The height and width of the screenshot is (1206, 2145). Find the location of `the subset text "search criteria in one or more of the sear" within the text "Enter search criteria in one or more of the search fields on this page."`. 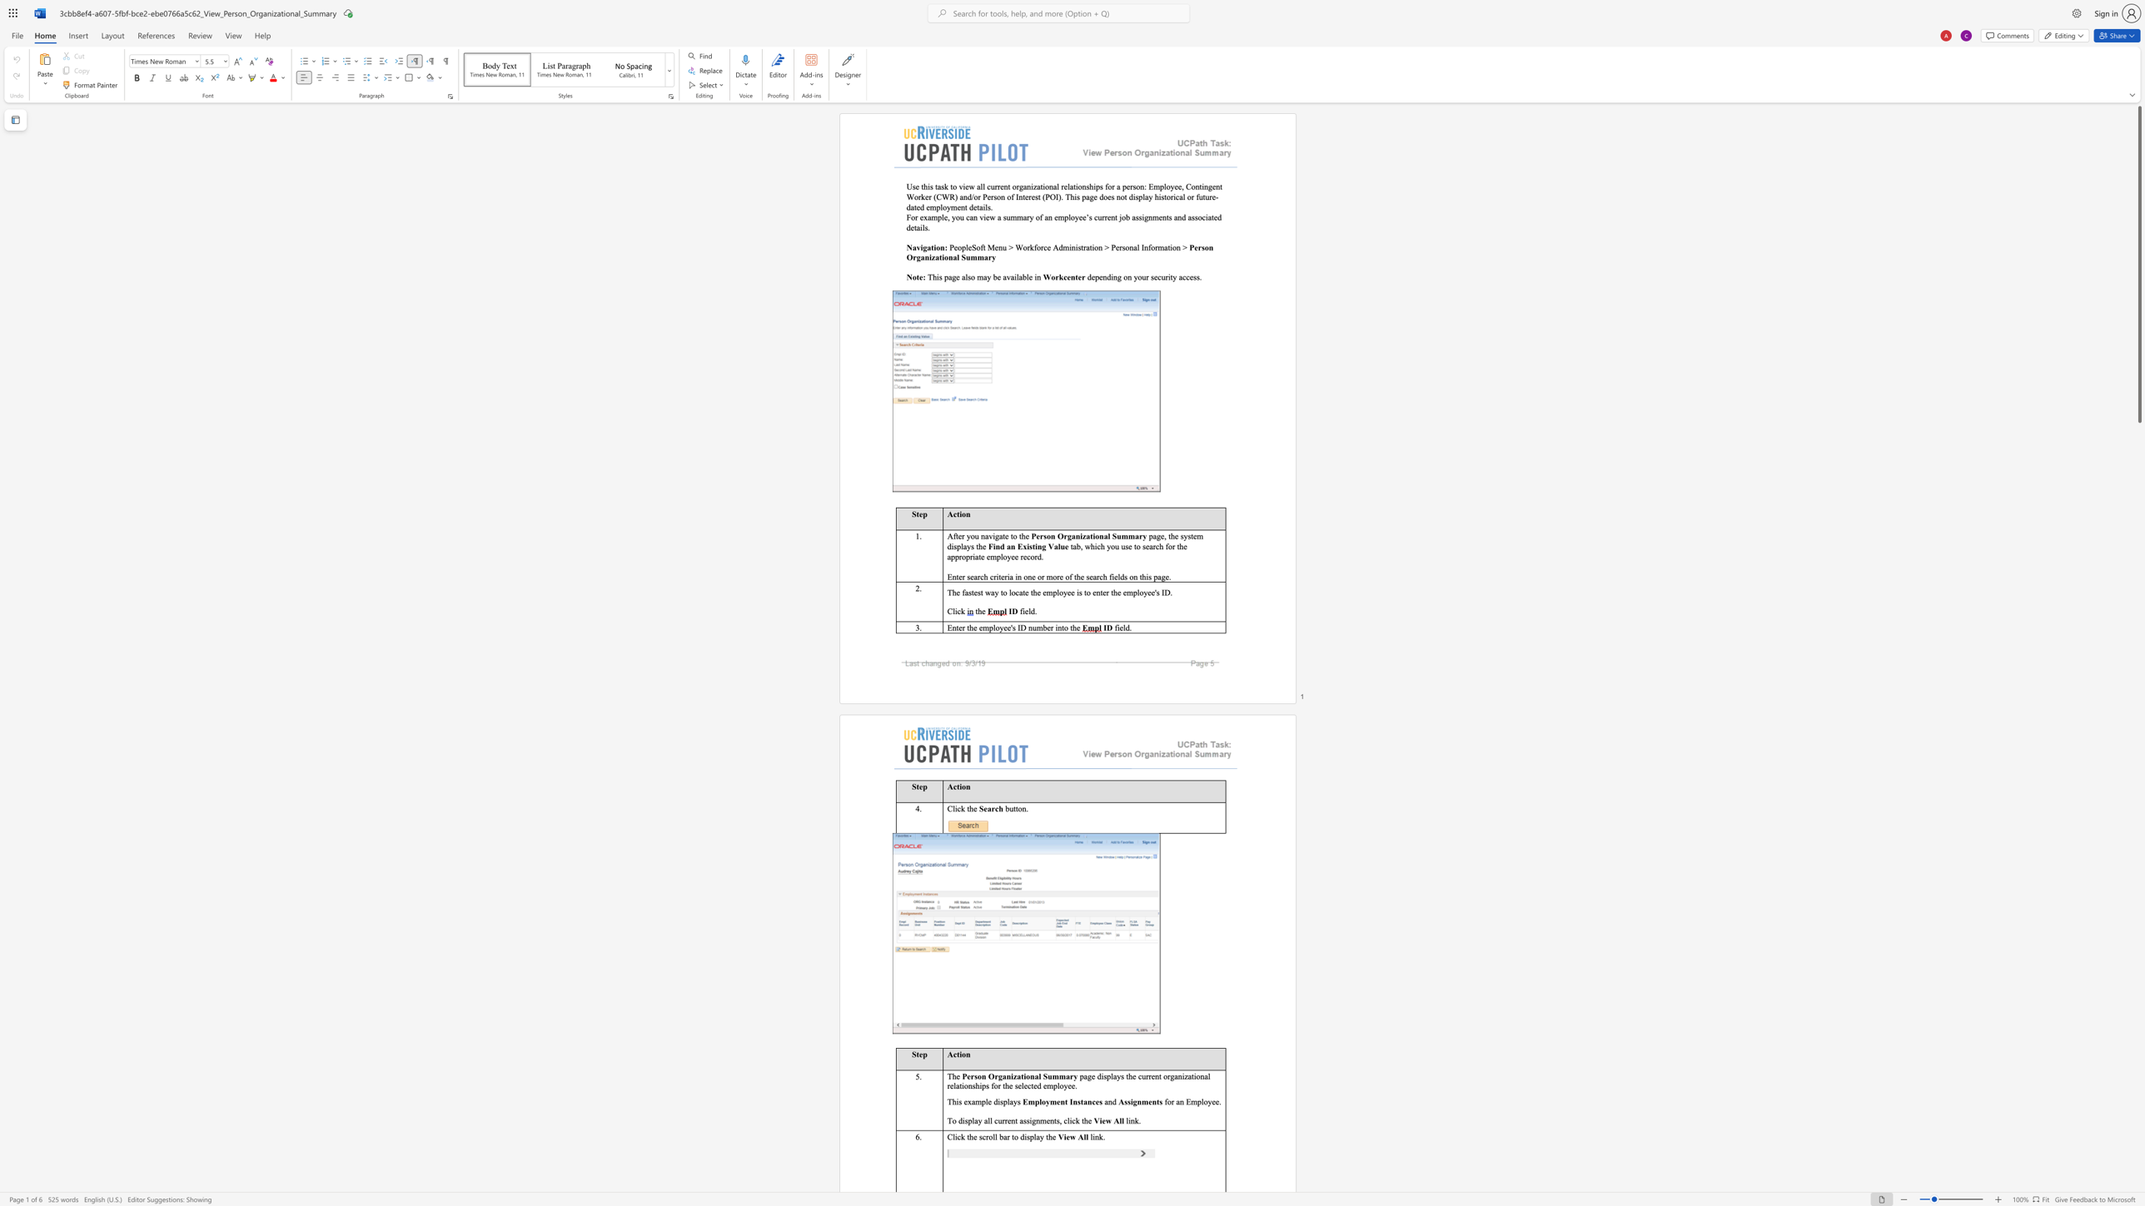

the subset text "search criteria in one or more of the sear" within the text "Enter search criteria in one or more of the search fields on this page." is located at coordinates (966, 576).